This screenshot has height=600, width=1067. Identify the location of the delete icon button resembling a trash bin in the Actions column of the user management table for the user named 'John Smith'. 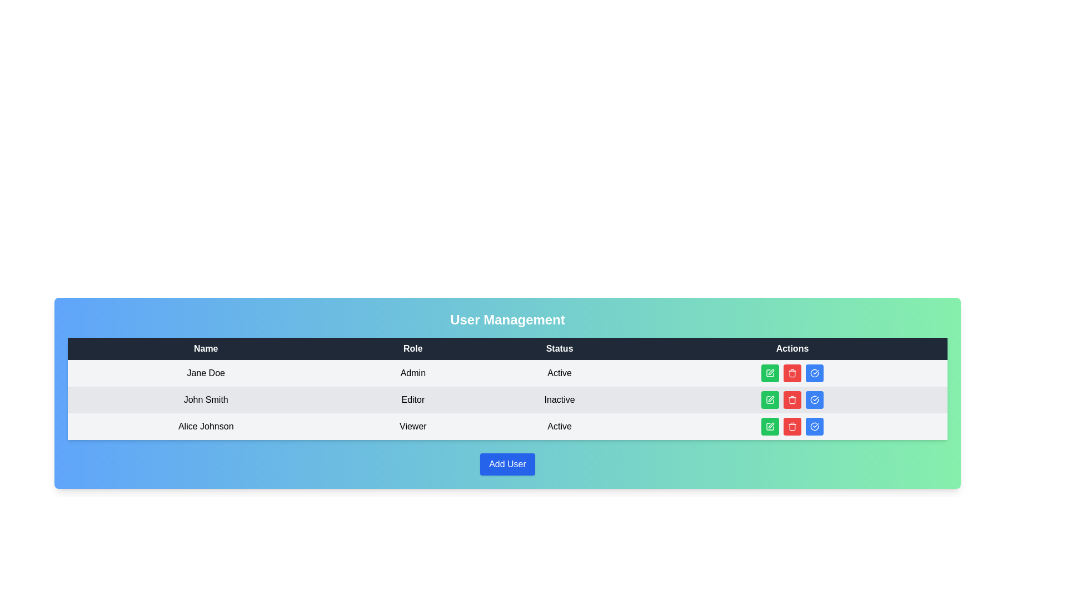
(791, 373).